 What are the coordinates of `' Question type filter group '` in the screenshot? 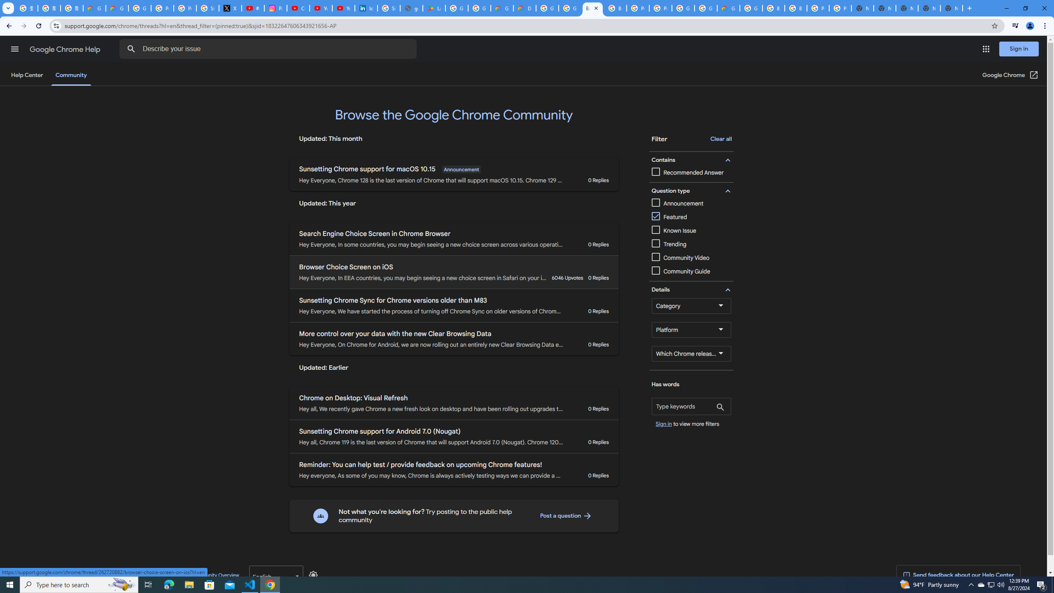 It's located at (690, 191).